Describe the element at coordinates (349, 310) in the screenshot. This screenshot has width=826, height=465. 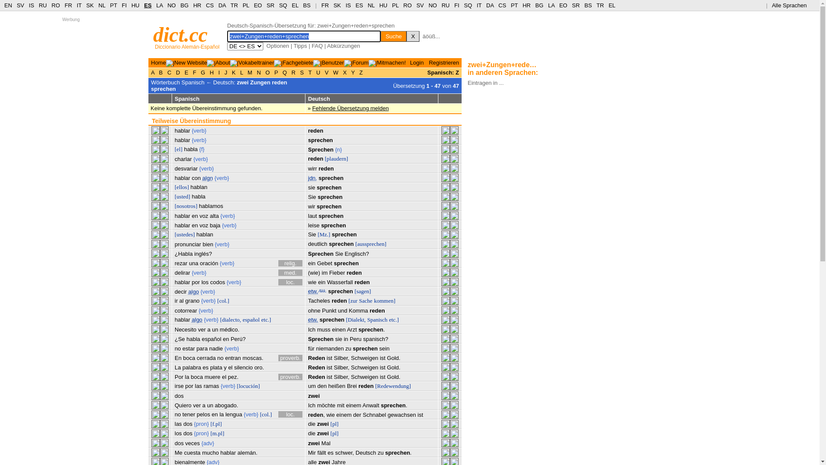
I see `'Komma'` at that location.